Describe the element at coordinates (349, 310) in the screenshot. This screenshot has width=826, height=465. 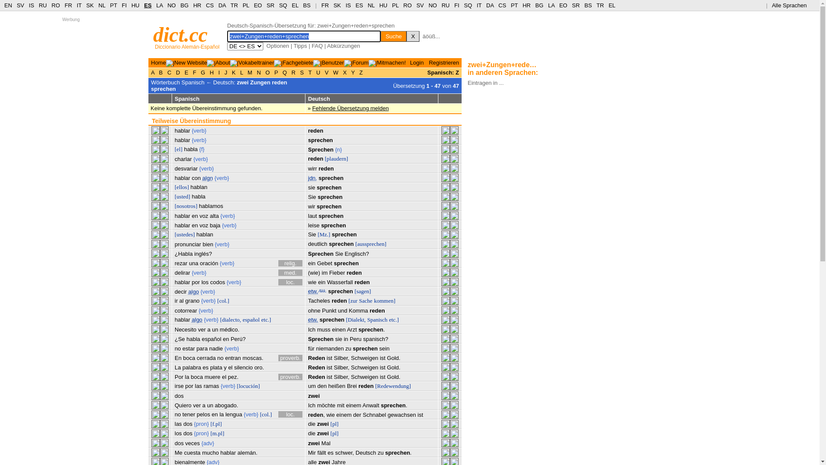
I see `'Komma'` at that location.